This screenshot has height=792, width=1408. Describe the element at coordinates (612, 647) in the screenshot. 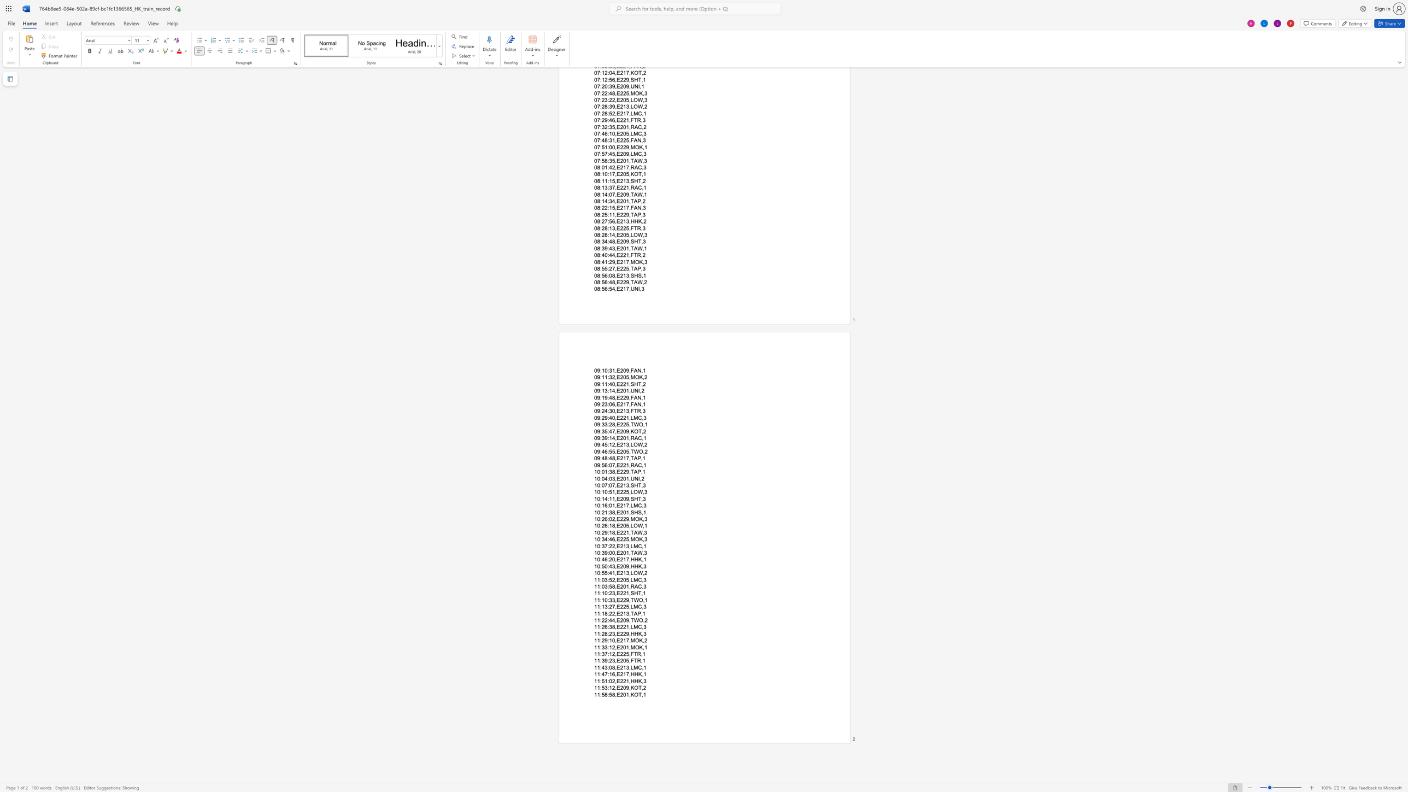

I see `the subset text "2,E20" within the text "11:33:12,E201,MOK,1"` at that location.